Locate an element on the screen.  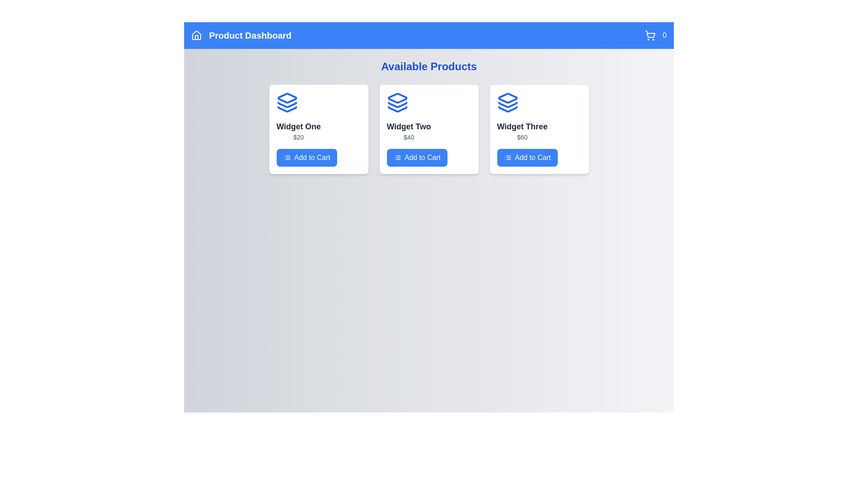
static text label displaying the price '$40' located below the product title 'Widget Two' in the product information card is located at coordinates (408, 137).